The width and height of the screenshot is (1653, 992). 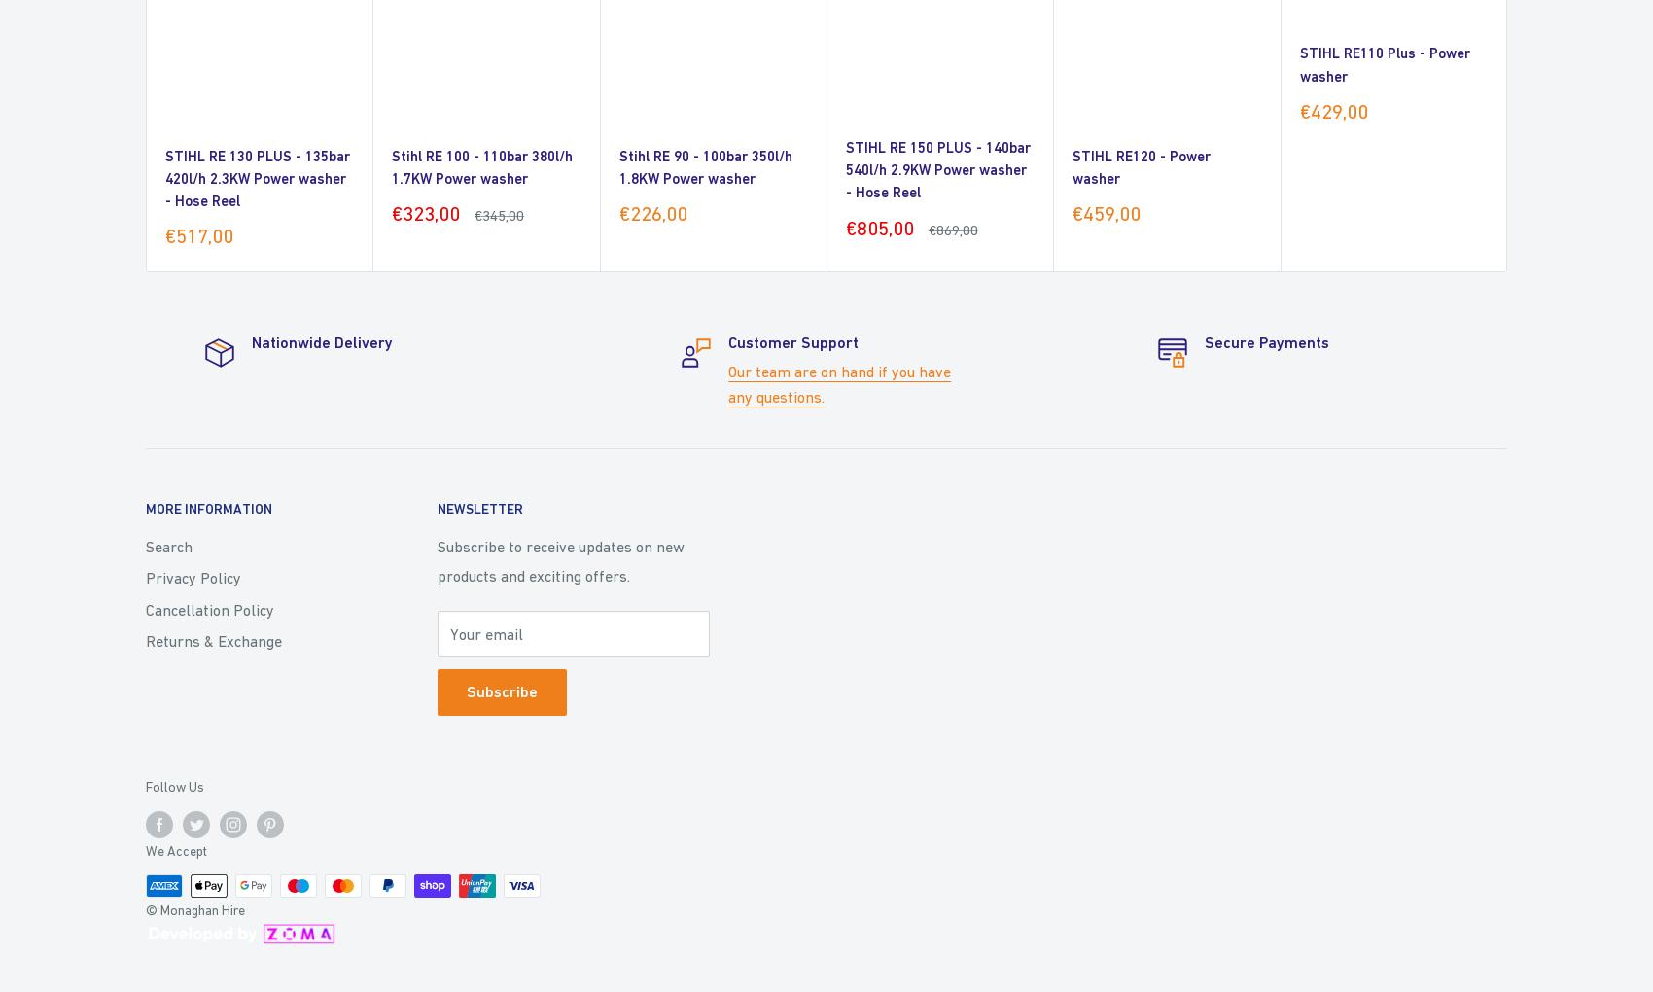 I want to click on 'We Accept', so click(x=175, y=849).